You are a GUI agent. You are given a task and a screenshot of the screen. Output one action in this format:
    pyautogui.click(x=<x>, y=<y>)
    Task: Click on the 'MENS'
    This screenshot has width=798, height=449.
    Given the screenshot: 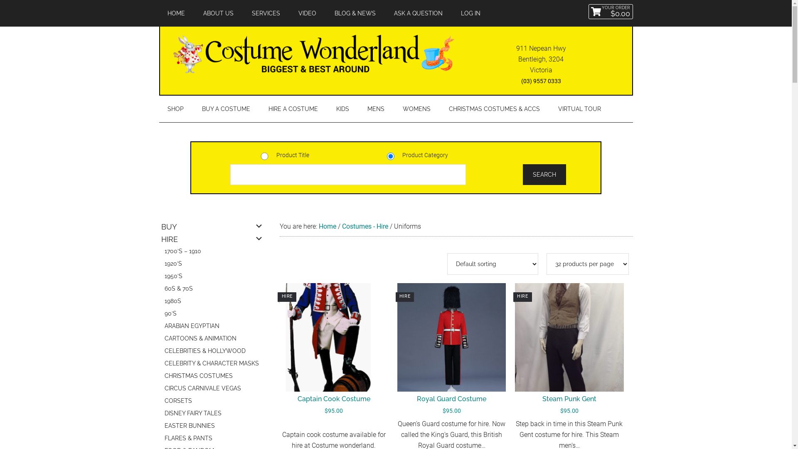 What is the action you would take?
    pyautogui.click(x=359, y=109)
    